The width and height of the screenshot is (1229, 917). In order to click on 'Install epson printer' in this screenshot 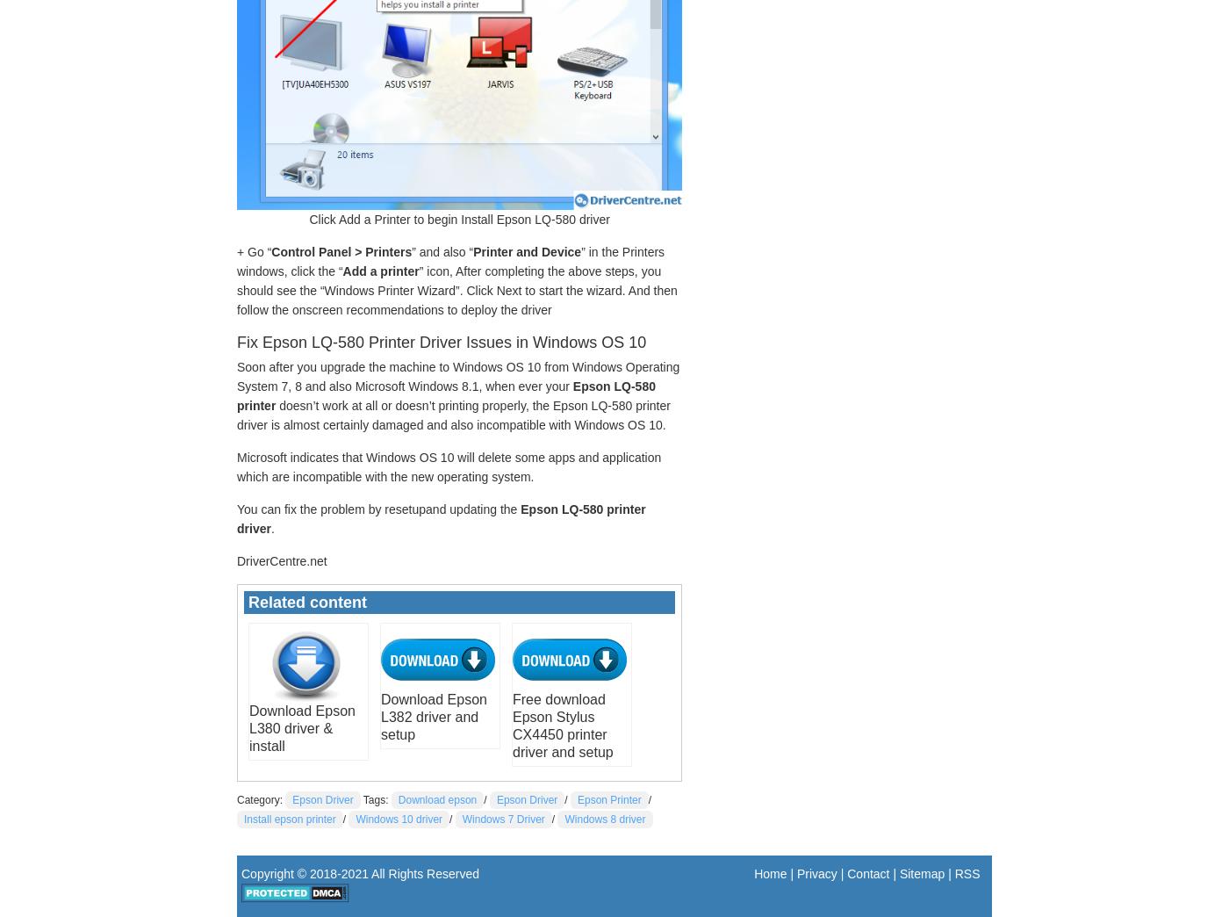, I will do `click(289, 817)`.